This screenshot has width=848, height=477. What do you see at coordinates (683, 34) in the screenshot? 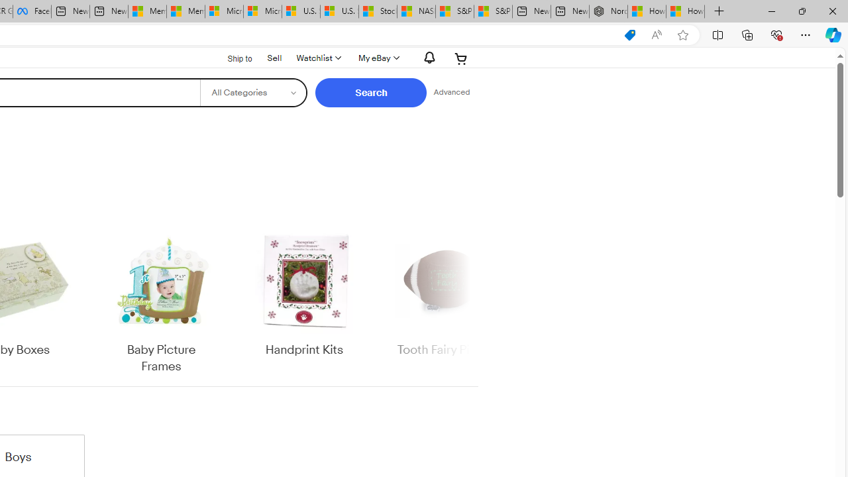
I see `'Add this page to favorites (Ctrl+D)'` at bounding box center [683, 34].